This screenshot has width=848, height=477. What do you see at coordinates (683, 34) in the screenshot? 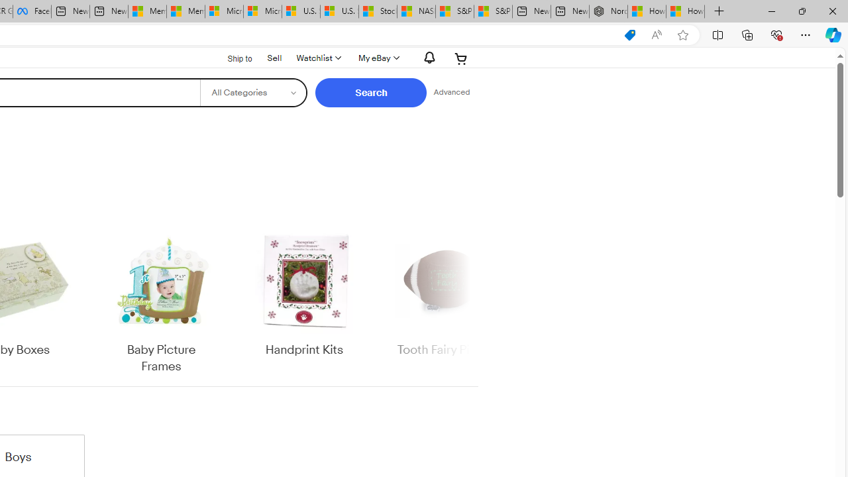
I see `'Add this page to favorites (Ctrl+D)'` at bounding box center [683, 34].